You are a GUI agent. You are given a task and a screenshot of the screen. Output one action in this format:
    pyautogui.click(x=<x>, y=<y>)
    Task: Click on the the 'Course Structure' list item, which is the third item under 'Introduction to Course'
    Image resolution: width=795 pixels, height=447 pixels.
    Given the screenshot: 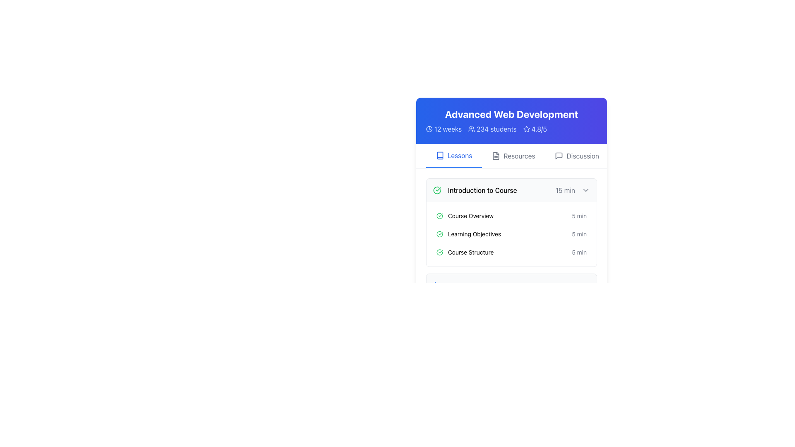 What is the action you would take?
    pyautogui.click(x=511, y=252)
    